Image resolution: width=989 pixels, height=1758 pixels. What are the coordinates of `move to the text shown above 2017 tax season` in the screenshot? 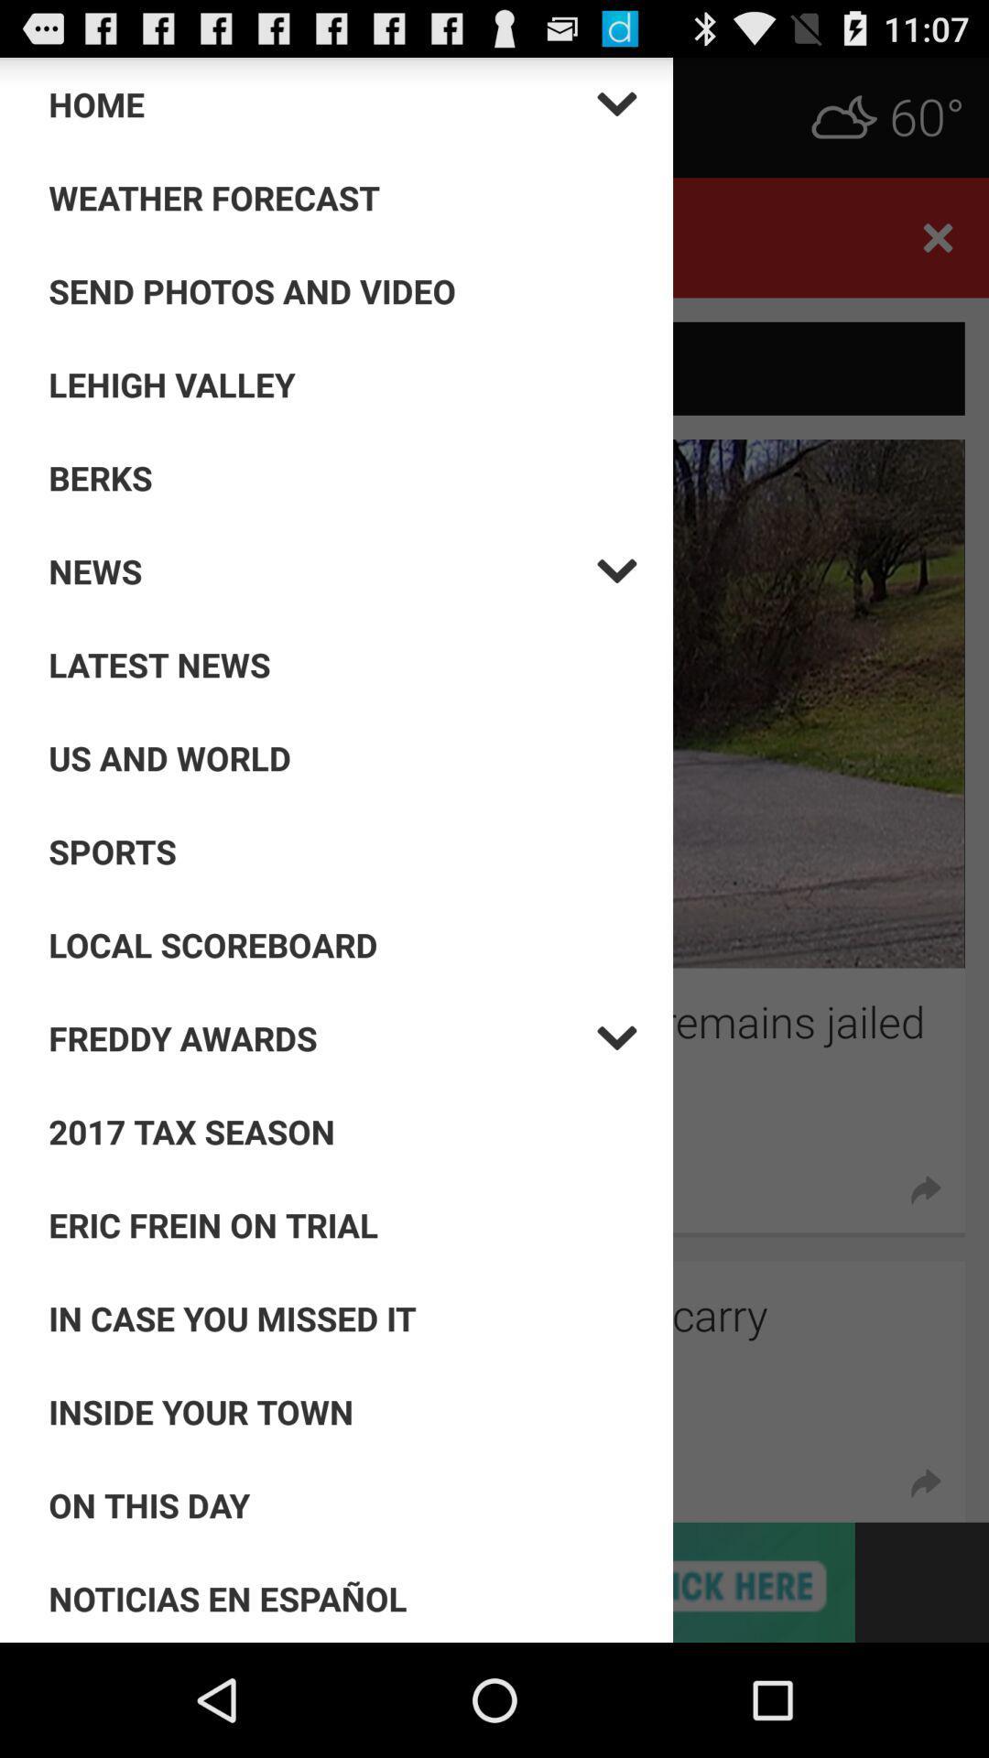 It's located at (322, 1037).